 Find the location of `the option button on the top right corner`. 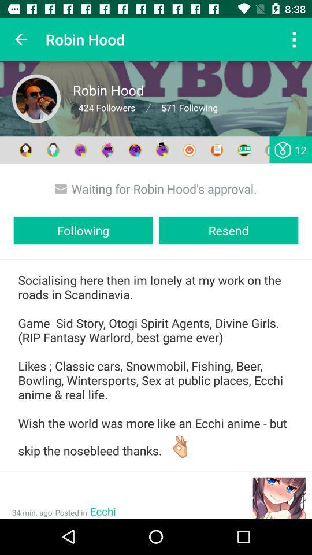

the option button on the top right corner is located at coordinates (294, 39).